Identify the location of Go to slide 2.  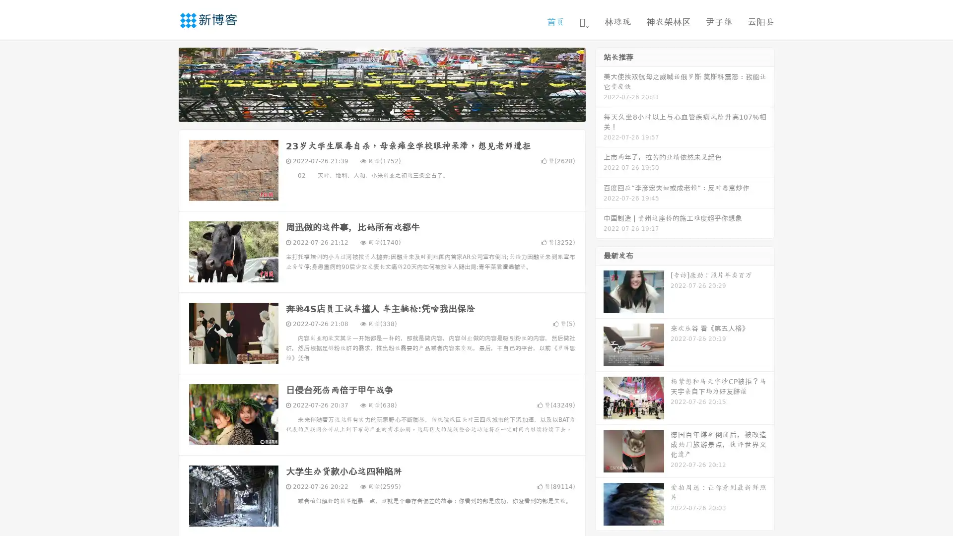
(381, 112).